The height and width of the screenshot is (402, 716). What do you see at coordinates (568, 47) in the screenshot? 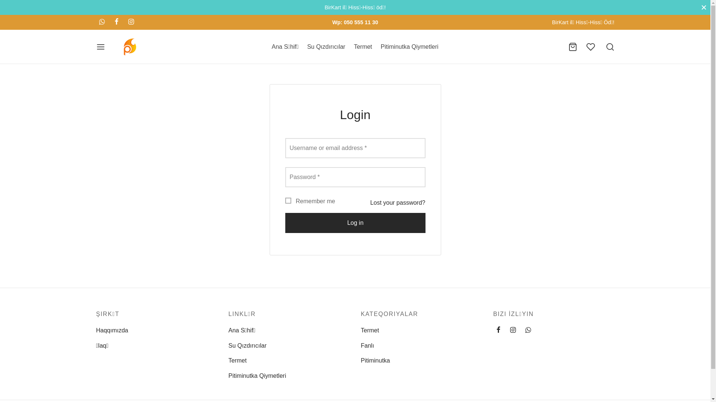
I see `'Cart'` at bounding box center [568, 47].